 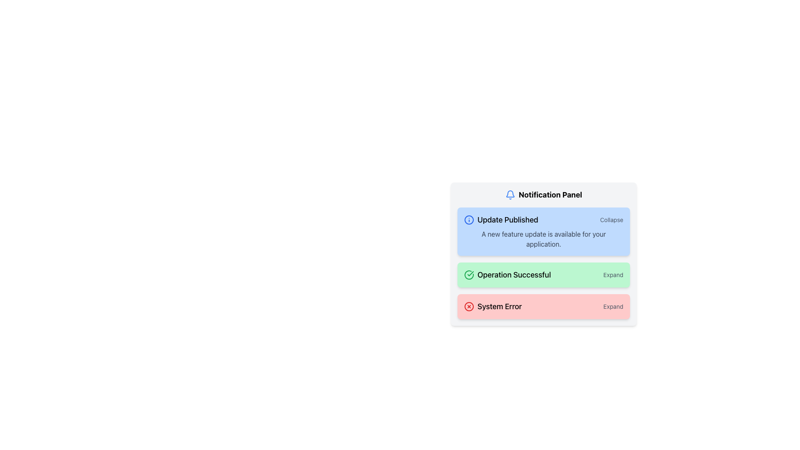 What do you see at coordinates (507, 220) in the screenshot?
I see `the text label 'Update Published', which serves as a notification title and is located in a blue section at the top of the notification panel` at bounding box center [507, 220].